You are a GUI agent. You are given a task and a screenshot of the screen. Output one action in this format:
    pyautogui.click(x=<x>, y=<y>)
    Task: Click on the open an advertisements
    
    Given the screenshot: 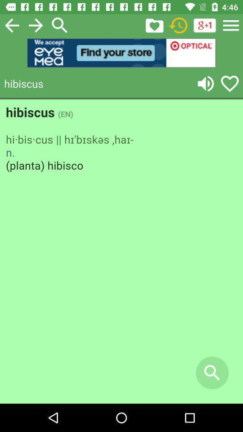 What is the action you would take?
    pyautogui.click(x=121, y=53)
    